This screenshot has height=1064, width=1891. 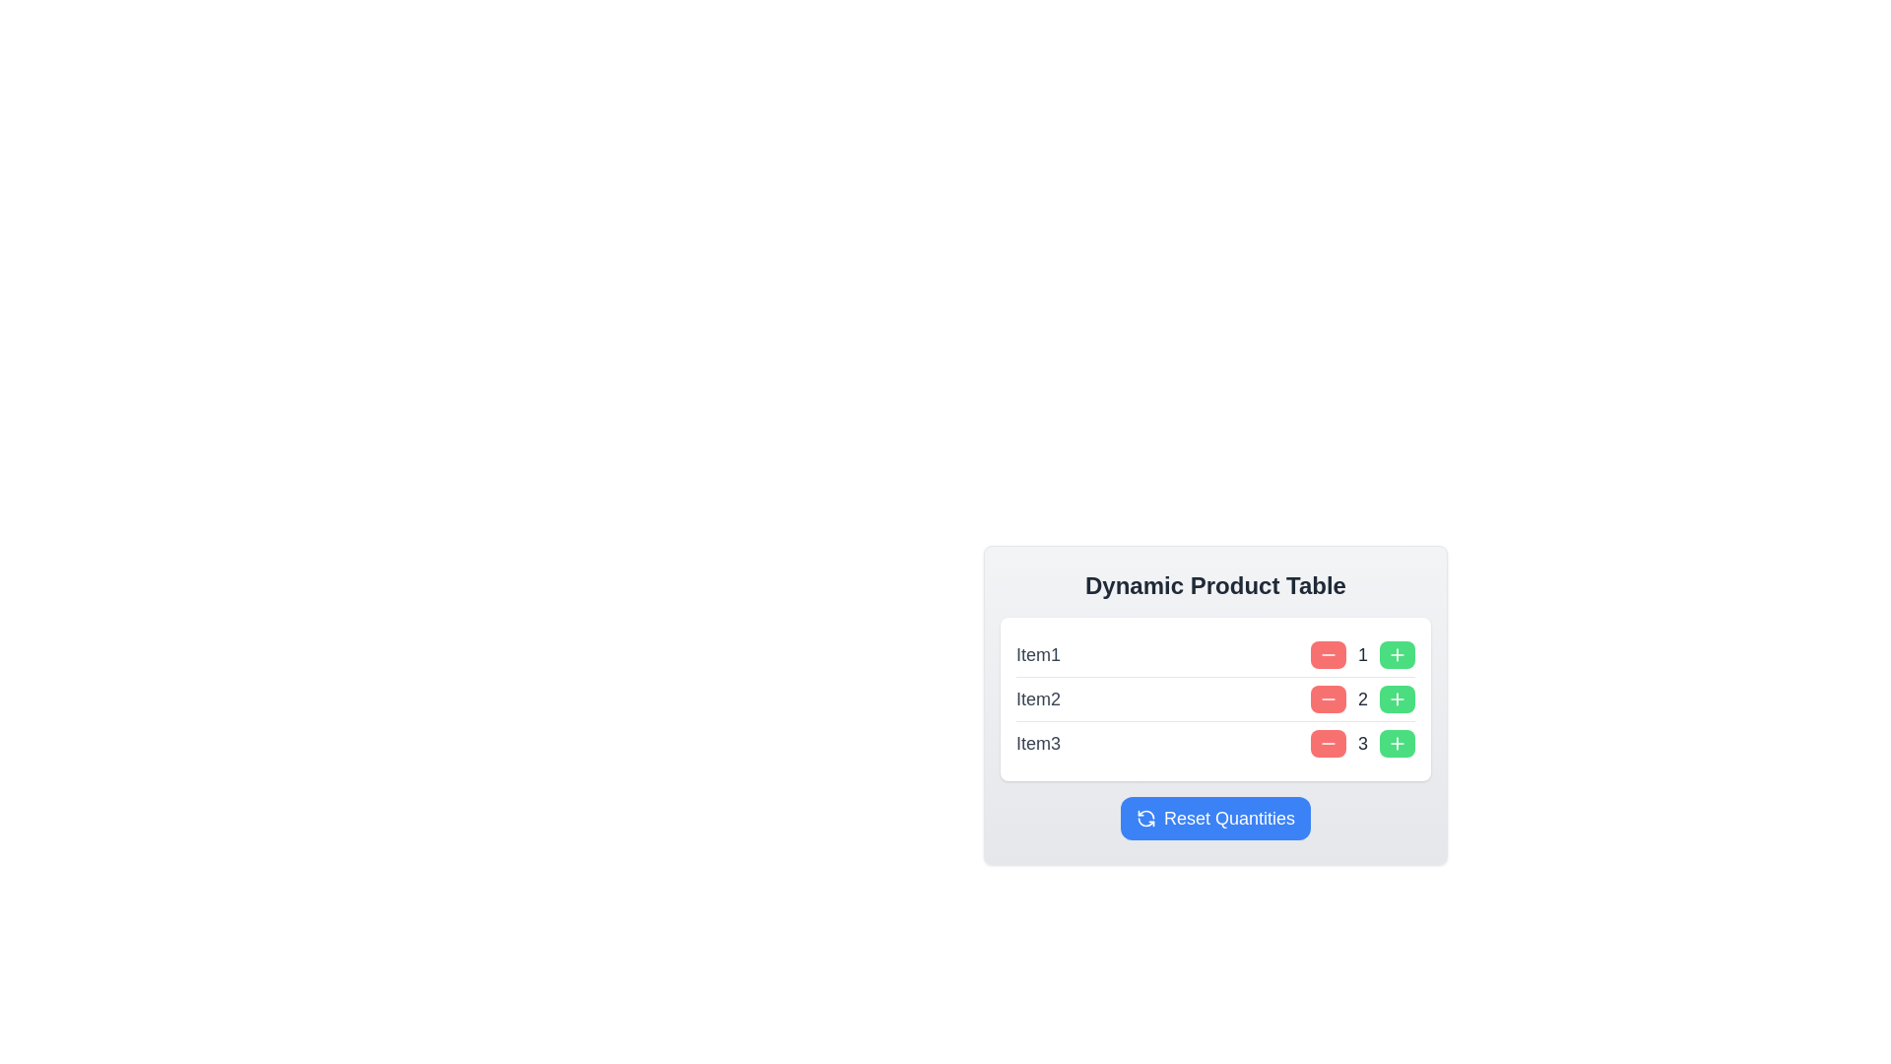 What do you see at coordinates (1037, 744) in the screenshot?
I see `the text label representing the third item in the dynamic product table, located in the third row under 'Item1' and 'Item2'` at bounding box center [1037, 744].